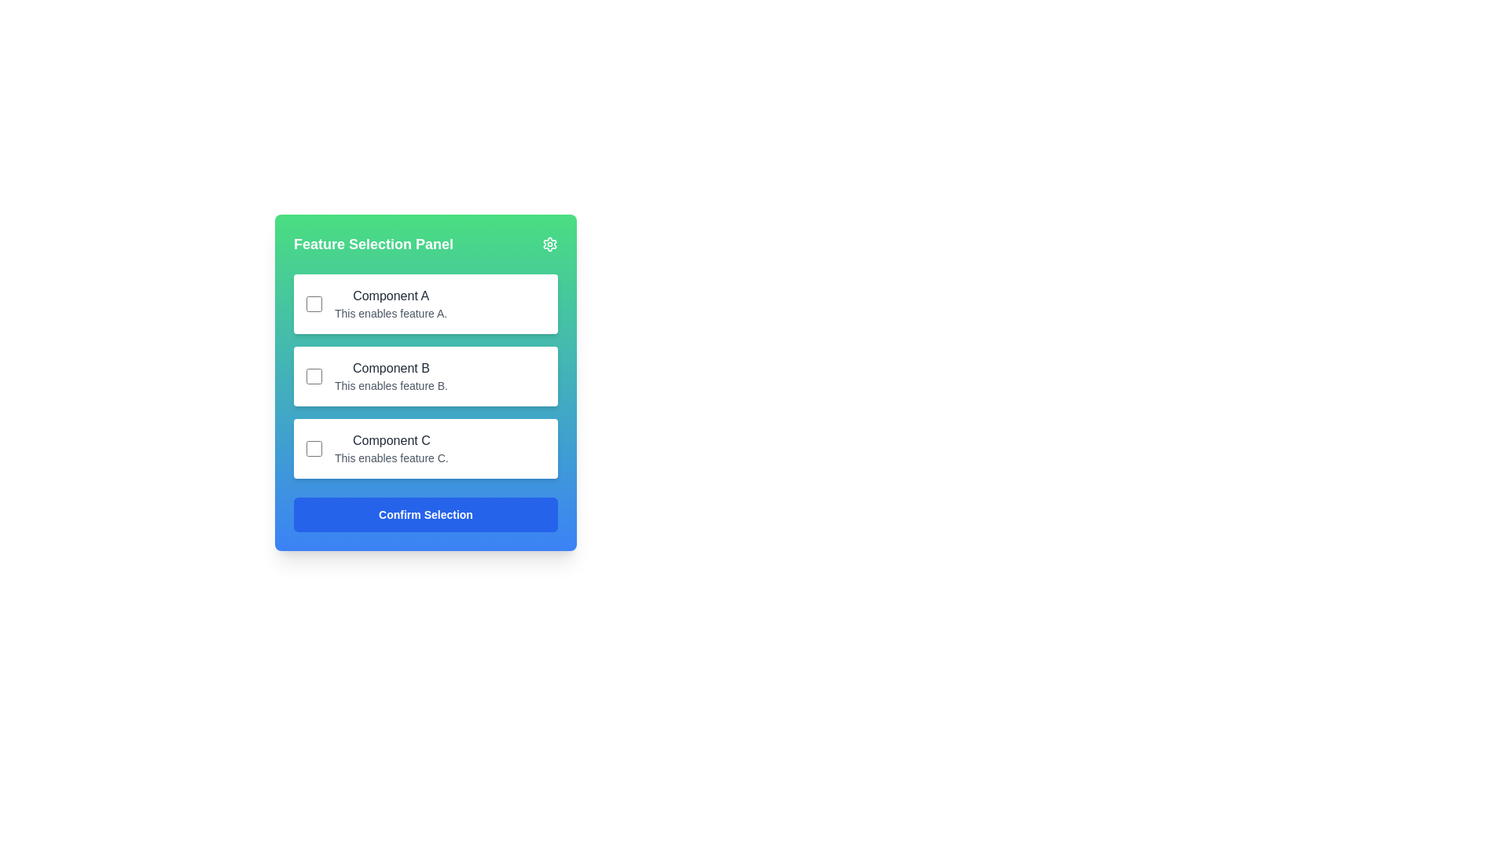 Image resolution: width=1509 pixels, height=849 pixels. What do you see at coordinates (314, 303) in the screenshot?
I see `the small square-shaped checkbox next to the label 'Component A'` at bounding box center [314, 303].